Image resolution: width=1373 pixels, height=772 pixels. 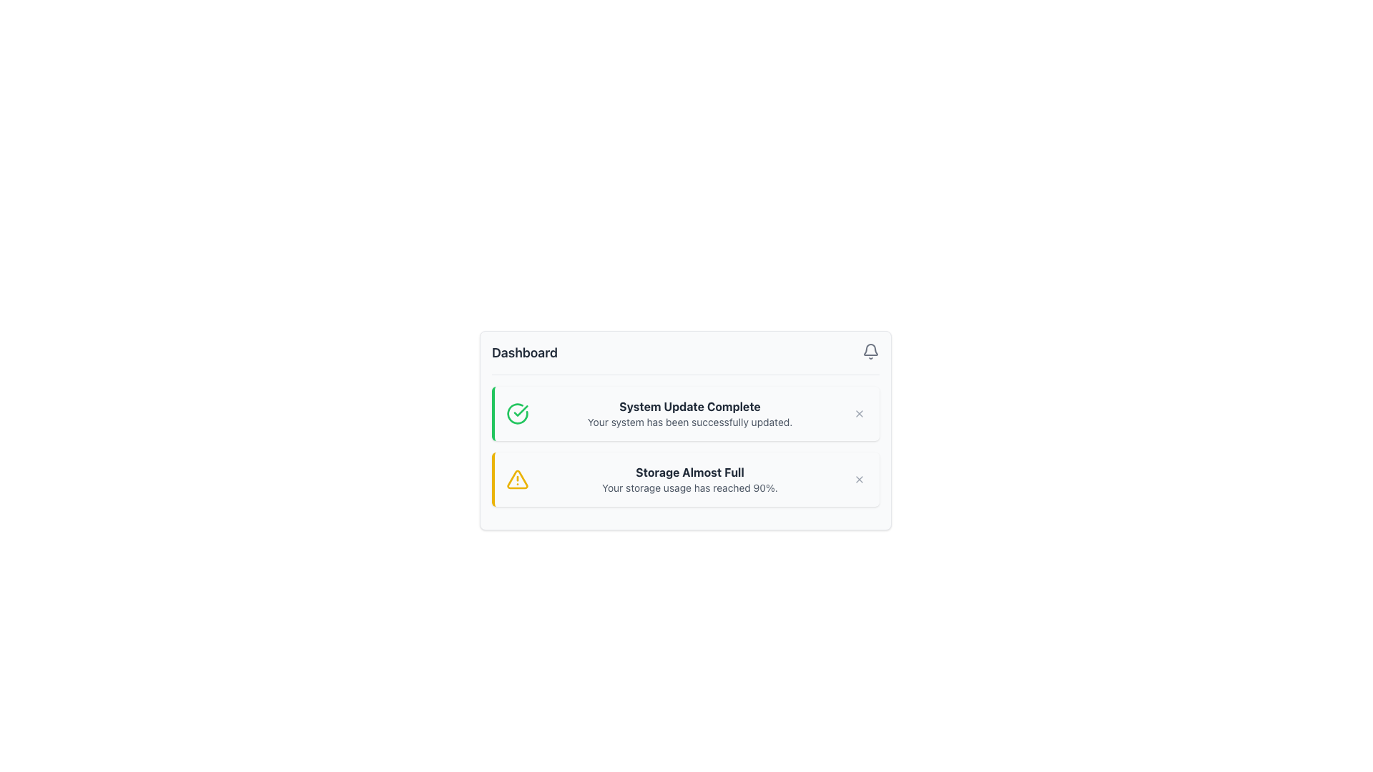 I want to click on message displayed in the Text label that indicates the alert status of storage usage, located in the middle section of a notification card, so click(x=689, y=472).